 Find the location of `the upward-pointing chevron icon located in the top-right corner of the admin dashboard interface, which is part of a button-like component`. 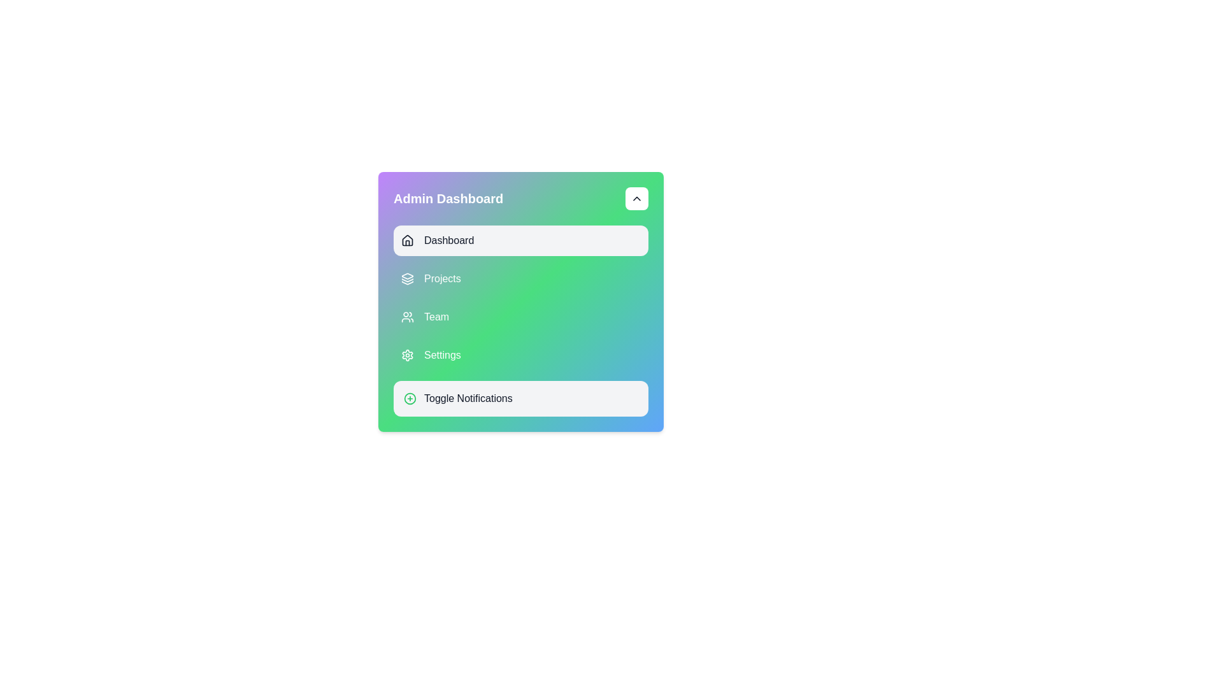

the upward-pointing chevron icon located in the top-right corner of the admin dashboard interface, which is part of a button-like component is located at coordinates (636, 199).